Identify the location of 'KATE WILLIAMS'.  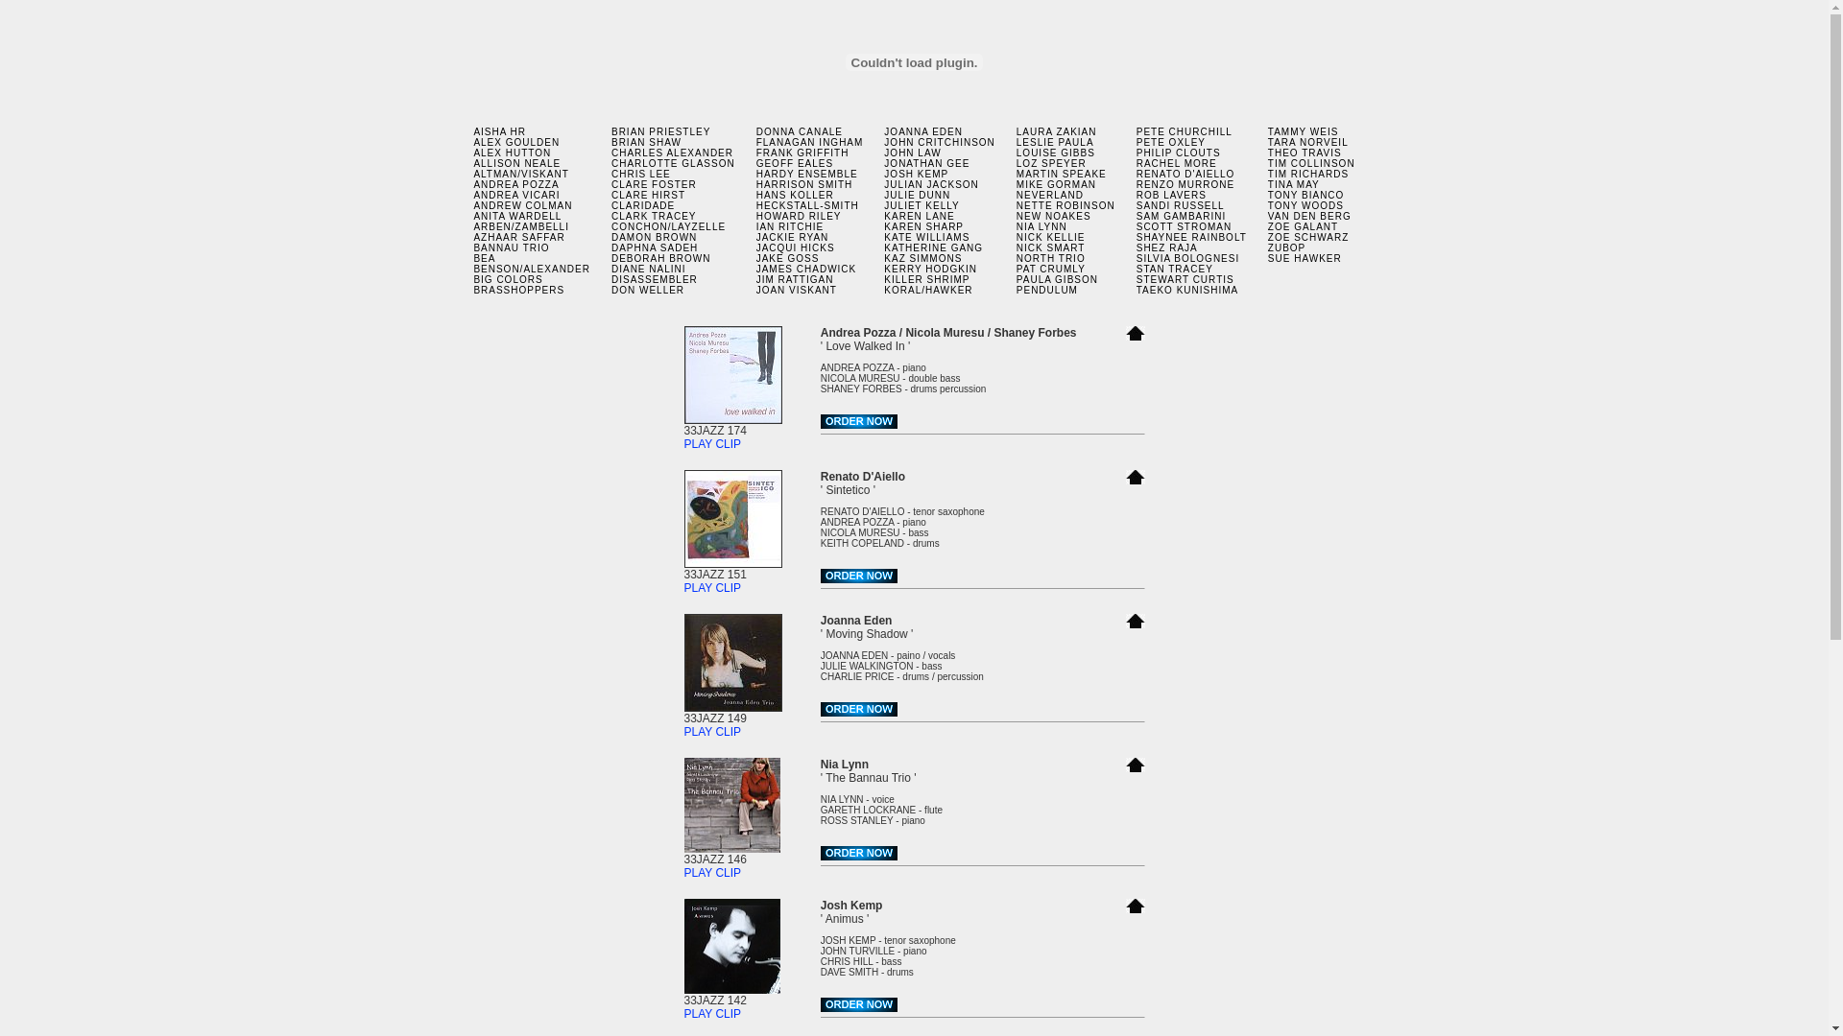
(926, 236).